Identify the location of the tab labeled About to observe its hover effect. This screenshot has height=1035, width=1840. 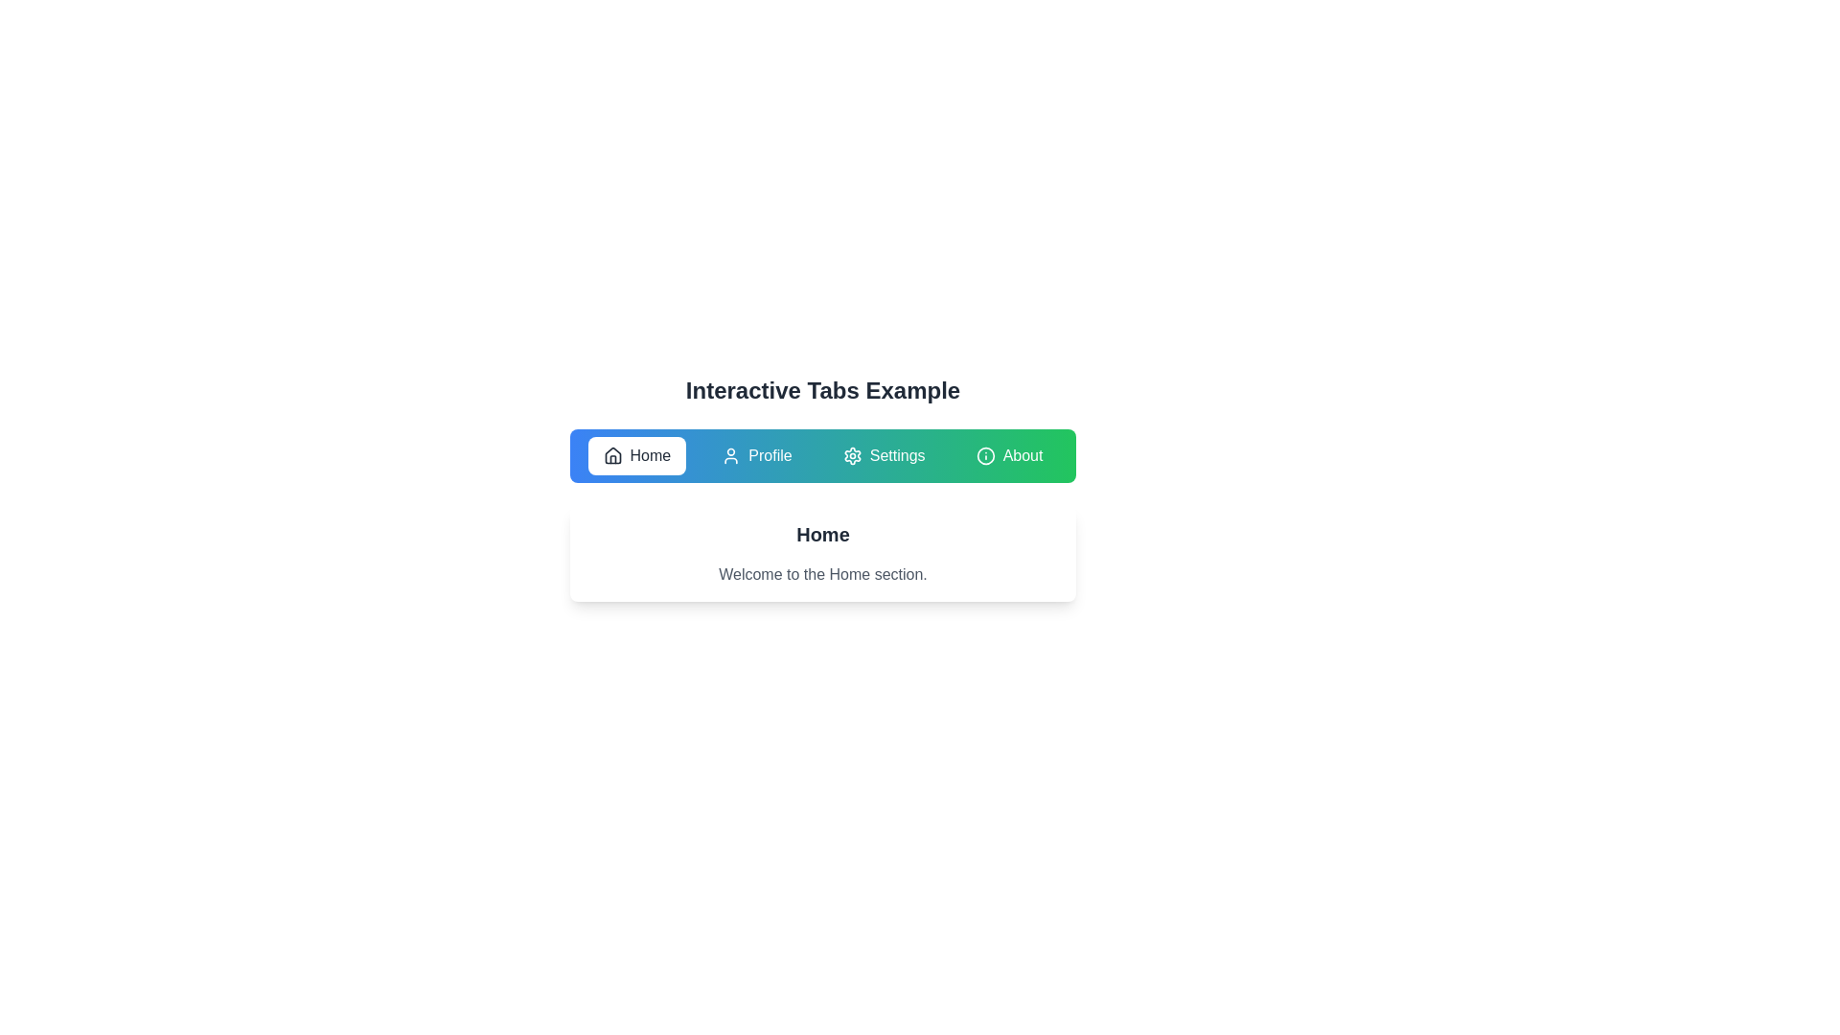
(1008, 455).